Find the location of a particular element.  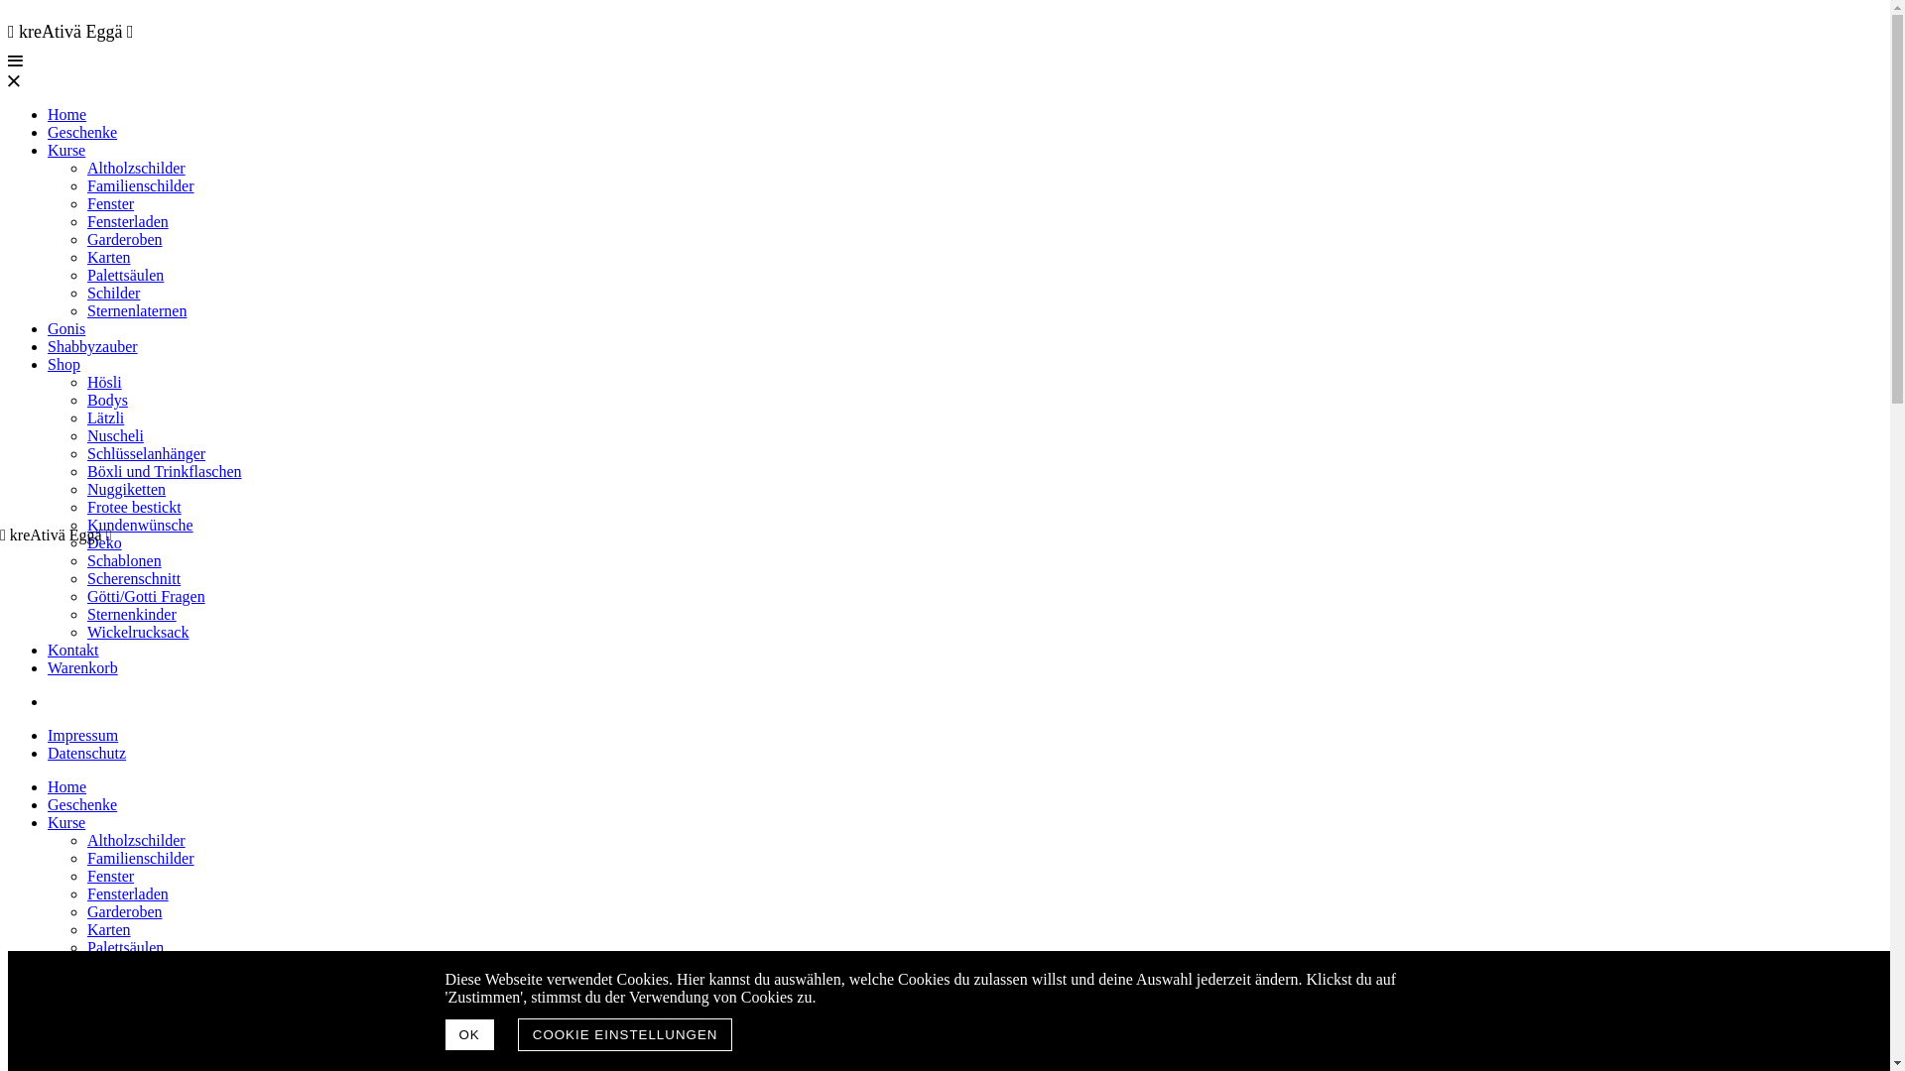

'Shabbyzauber' is located at coordinates (48, 345).